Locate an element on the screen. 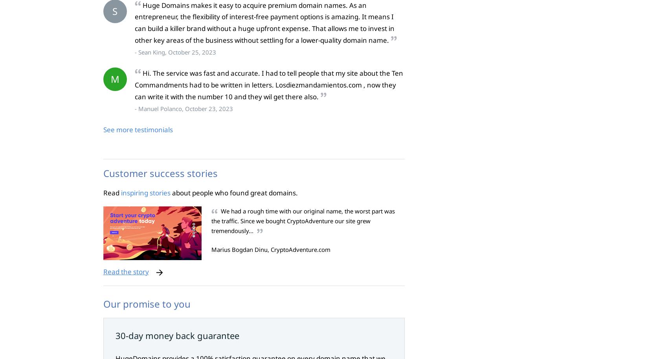 The height and width of the screenshot is (359, 666). 'Our promise to you' is located at coordinates (146, 303).